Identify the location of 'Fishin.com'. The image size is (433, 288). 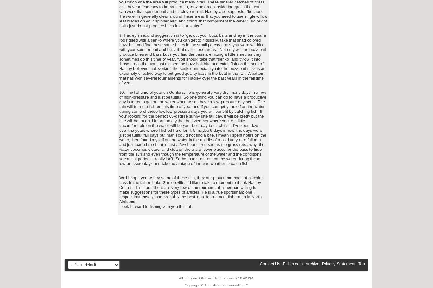
(293, 264).